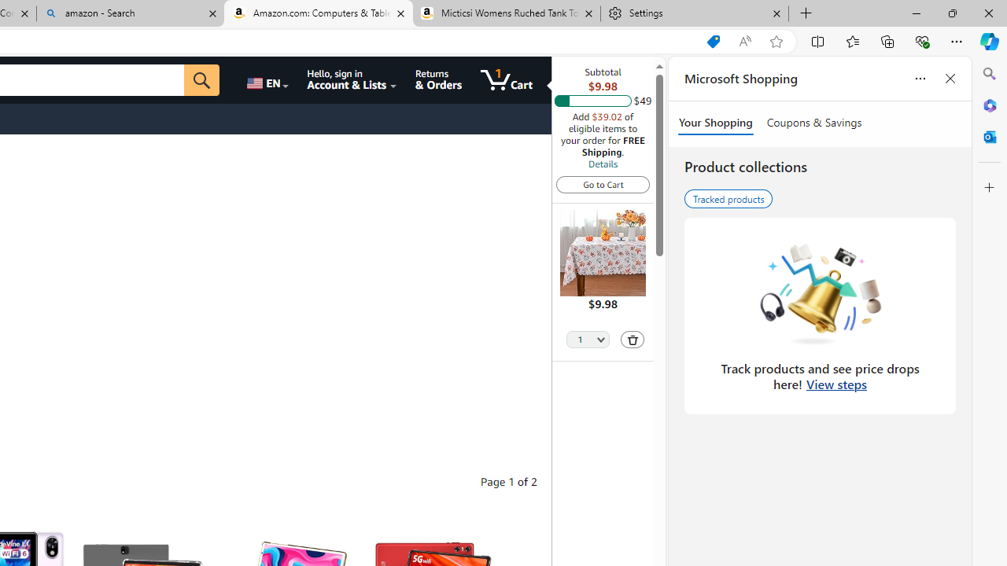 The height and width of the screenshot is (566, 1007). What do you see at coordinates (352, 79) in the screenshot?
I see `'Hello, sign in Account & Lists'` at bounding box center [352, 79].